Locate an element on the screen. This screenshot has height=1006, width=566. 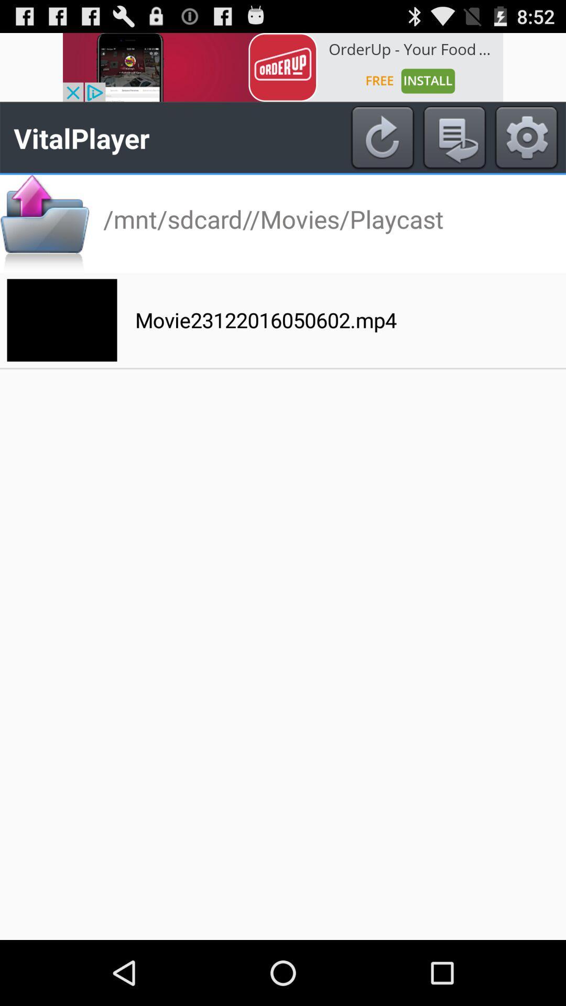
click on advertisement is located at coordinates (283, 67).